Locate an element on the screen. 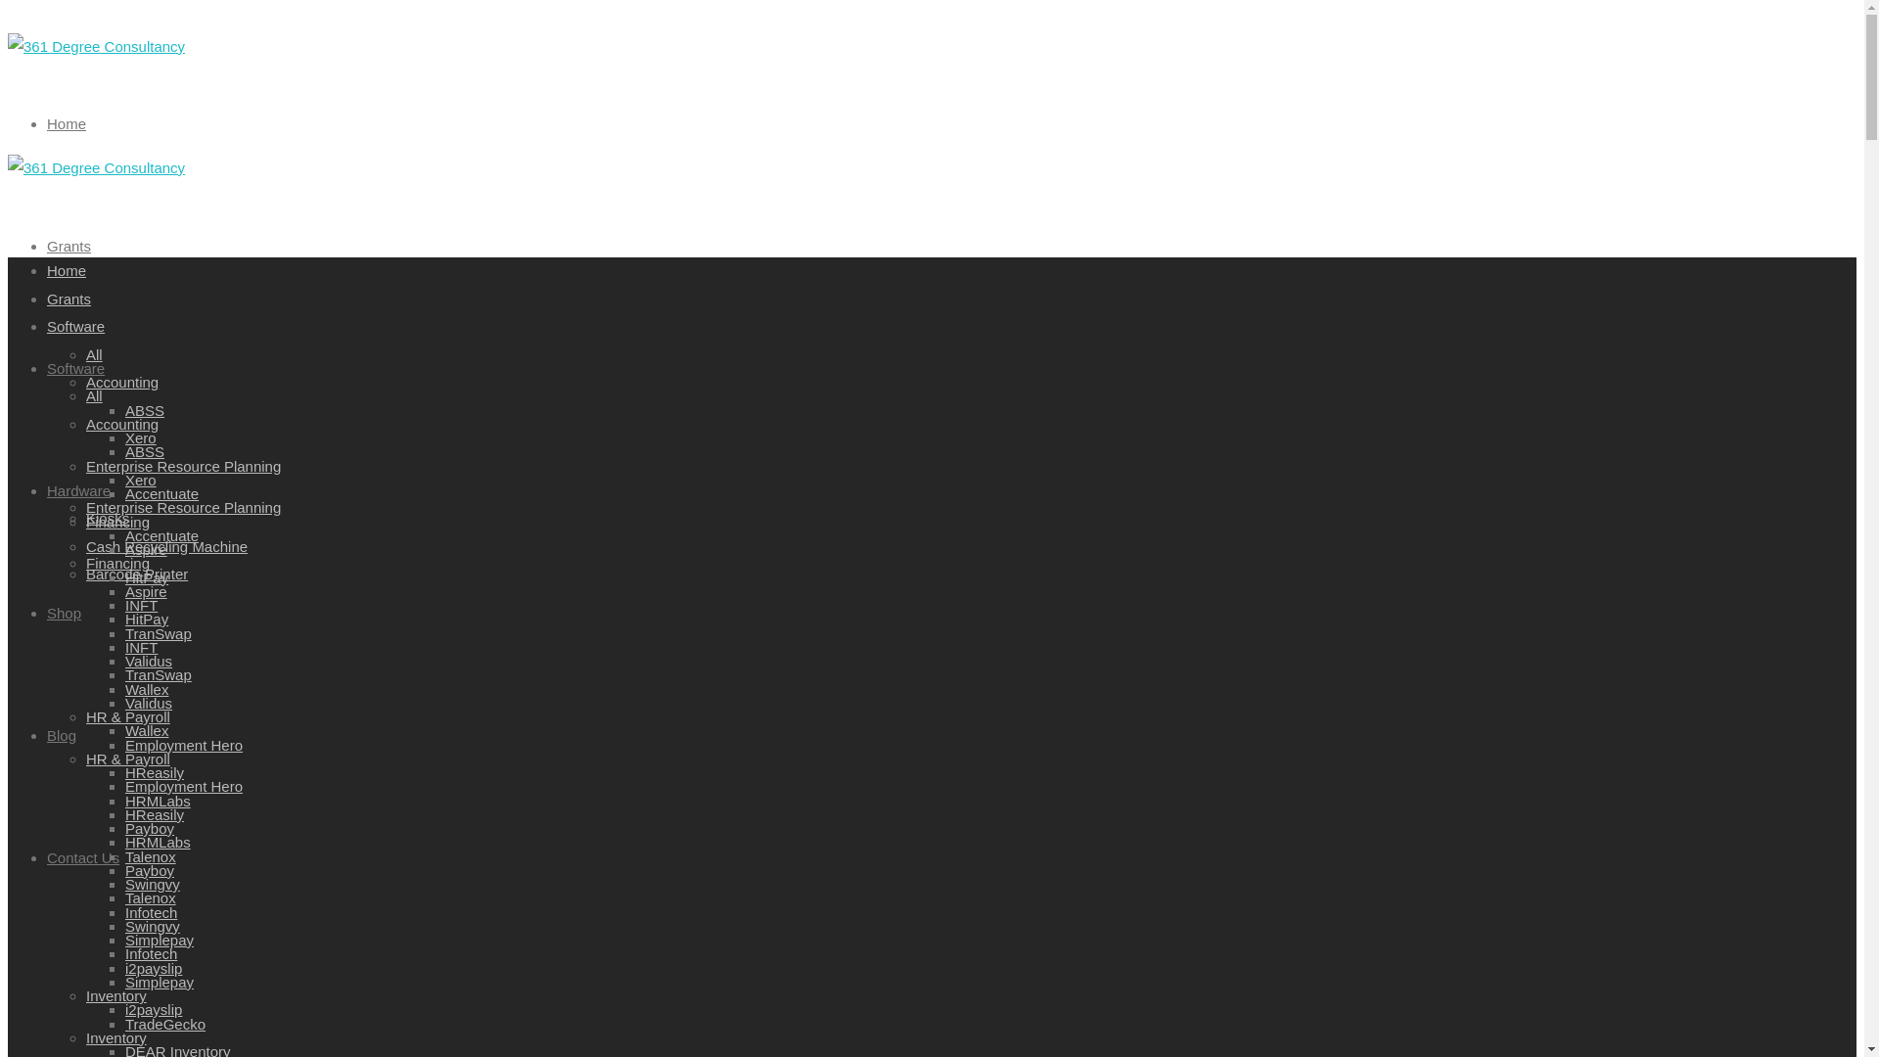 The height and width of the screenshot is (1057, 1879). 'INFT' is located at coordinates (124, 604).